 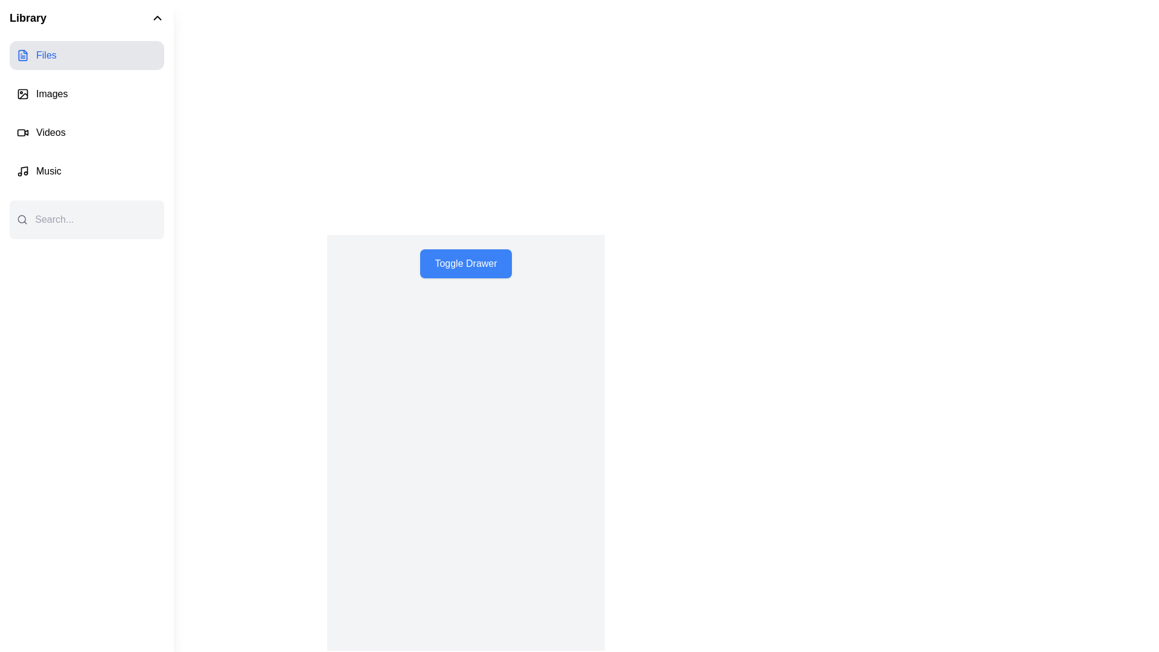 What do you see at coordinates (465, 263) in the screenshot?
I see `the rectangular button labeled 'Toggle Drawer' with a blue background and white text` at bounding box center [465, 263].